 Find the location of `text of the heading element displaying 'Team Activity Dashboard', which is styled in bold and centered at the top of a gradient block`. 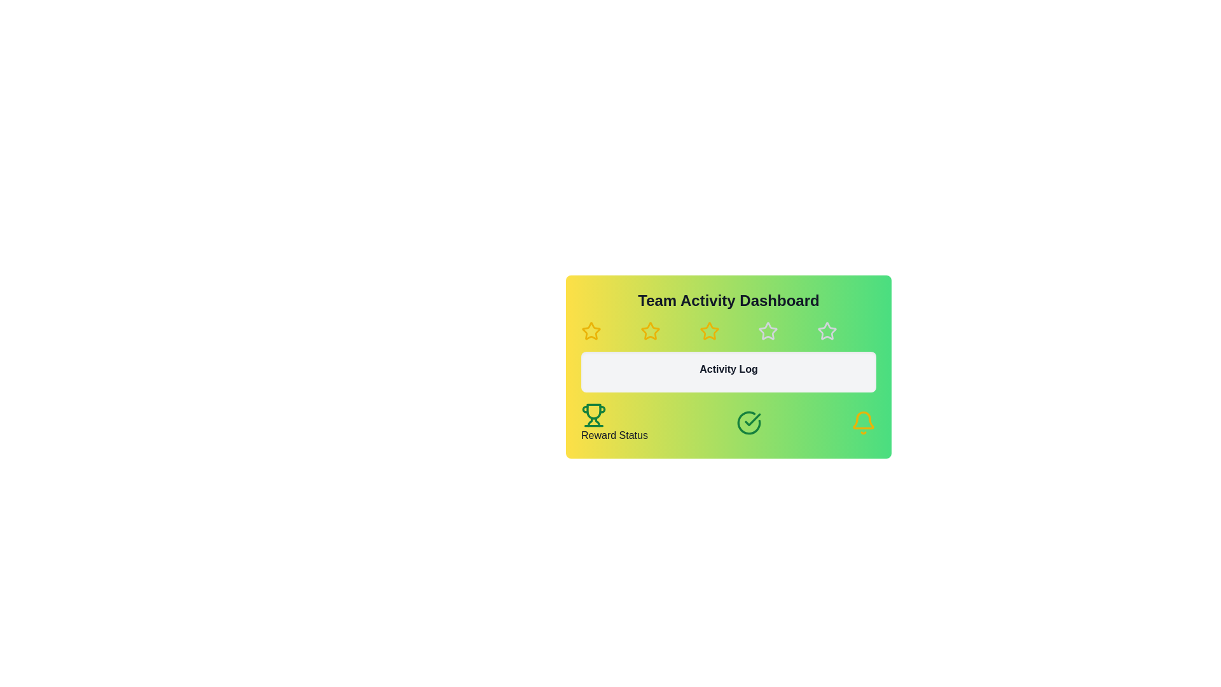

text of the heading element displaying 'Team Activity Dashboard', which is styled in bold and centered at the top of a gradient block is located at coordinates (729, 301).